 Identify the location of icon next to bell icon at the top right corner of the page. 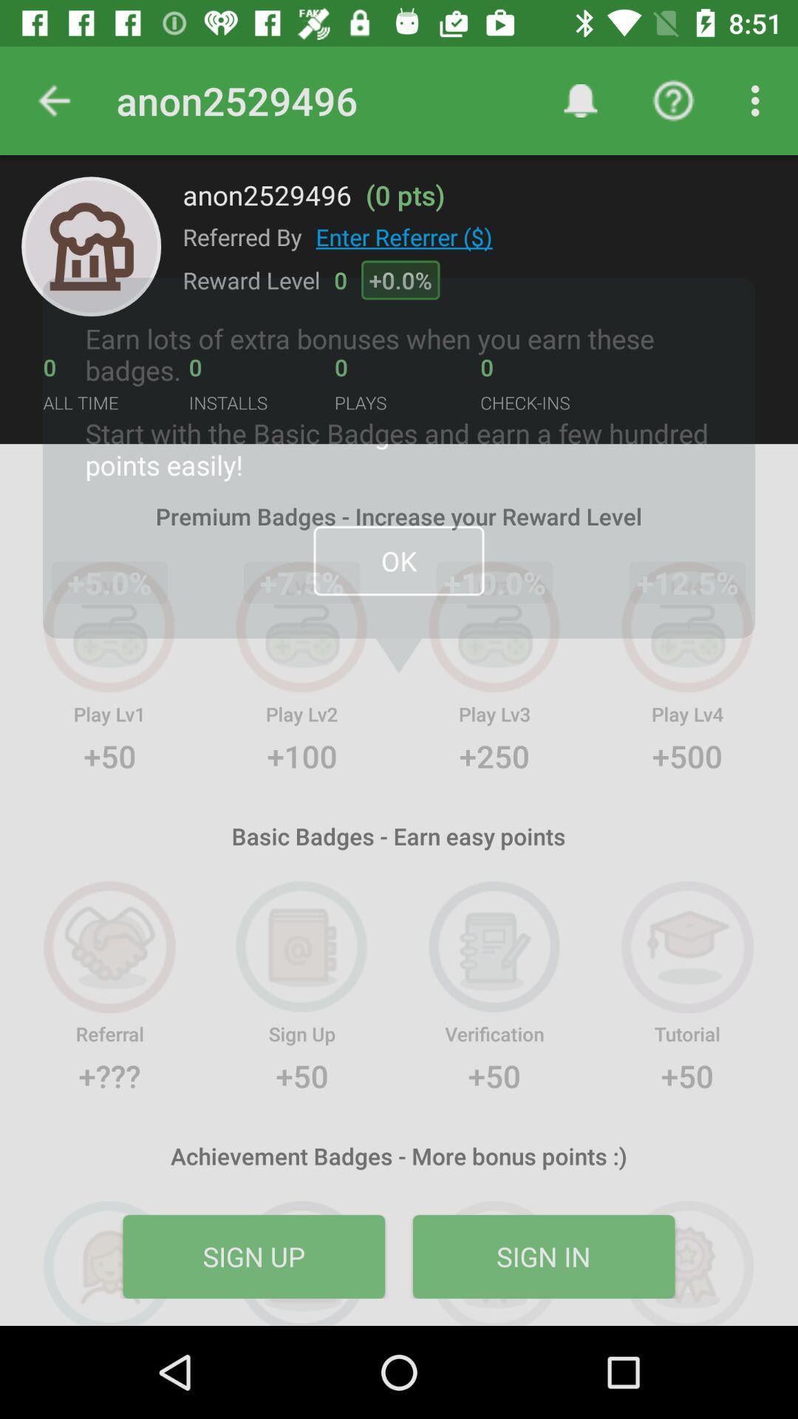
(673, 101).